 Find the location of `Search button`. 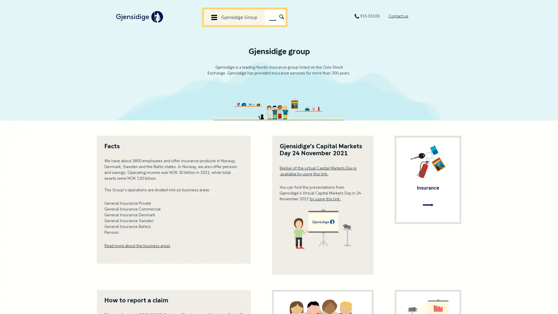

Search button is located at coordinates (281, 16).